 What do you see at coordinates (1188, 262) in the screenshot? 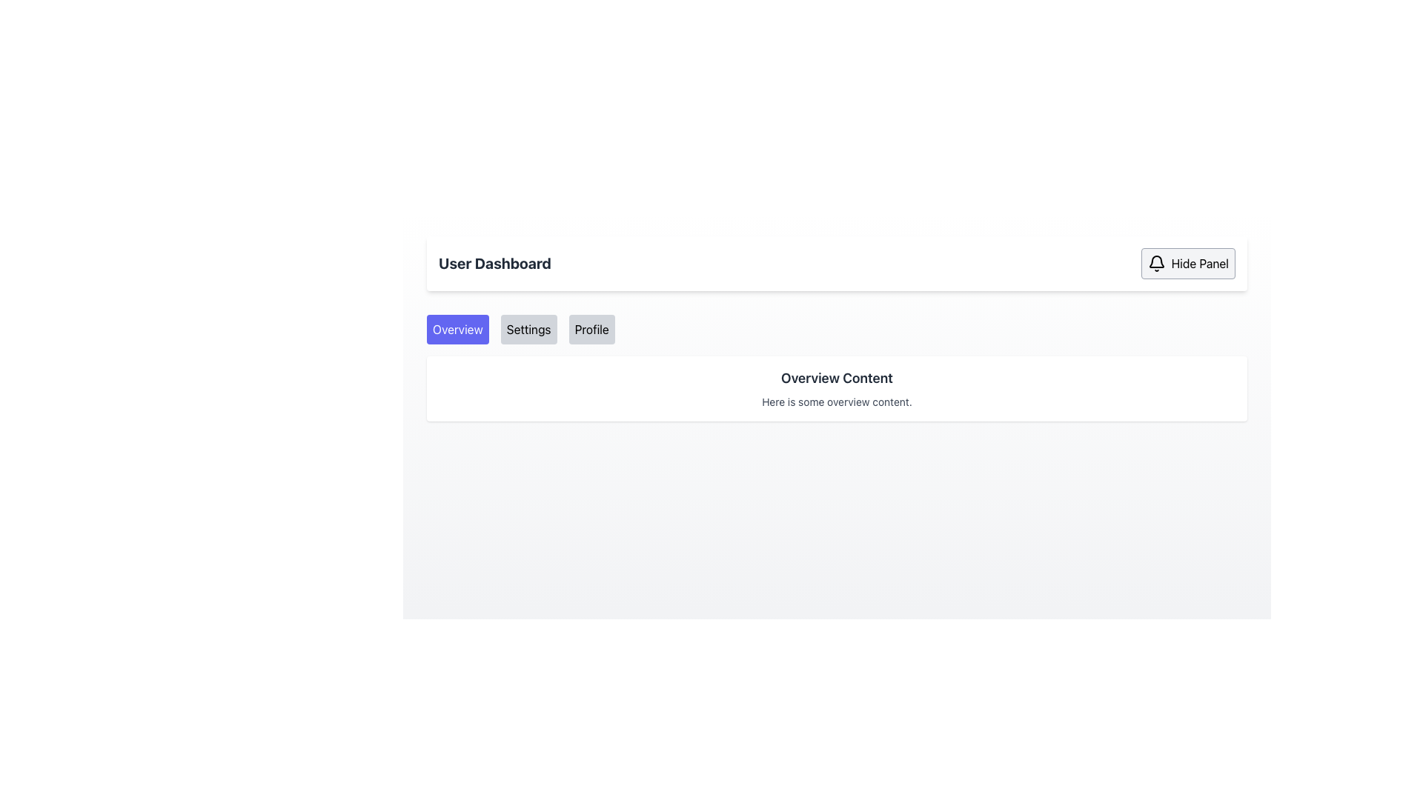
I see `the toggle button in the top-right corner of the 'User Dashboard'` at bounding box center [1188, 262].